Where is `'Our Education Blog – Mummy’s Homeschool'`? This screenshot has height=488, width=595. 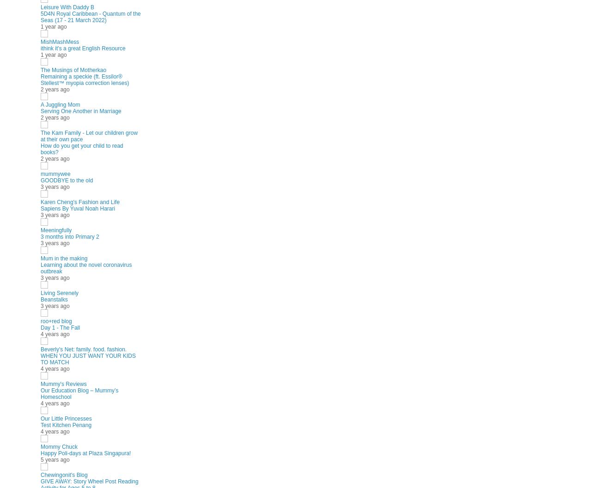
'Our Education Blog – Mummy’s Homeschool' is located at coordinates (79, 393).